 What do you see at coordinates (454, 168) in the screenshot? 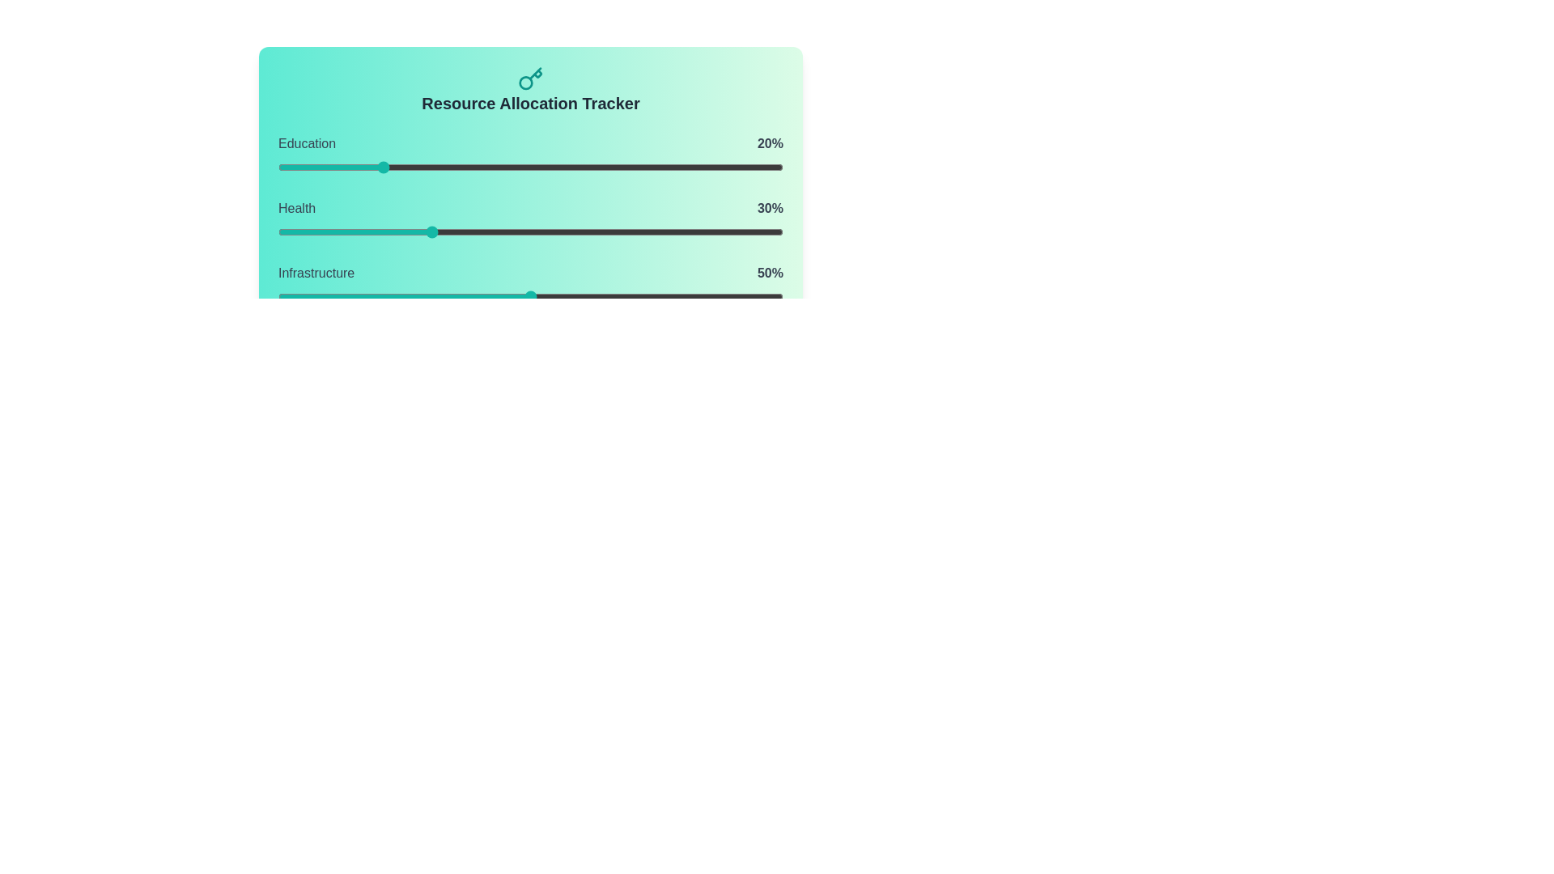
I see `the Education slider to 35% allocation` at bounding box center [454, 168].